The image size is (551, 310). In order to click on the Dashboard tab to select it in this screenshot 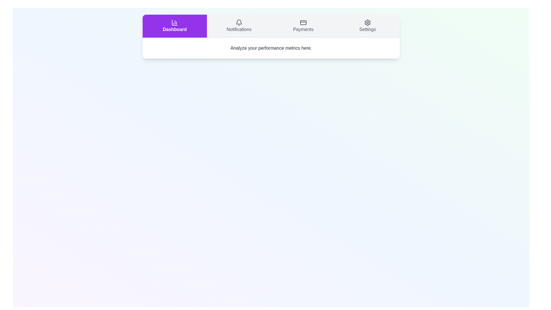, I will do `click(174, 26)`.